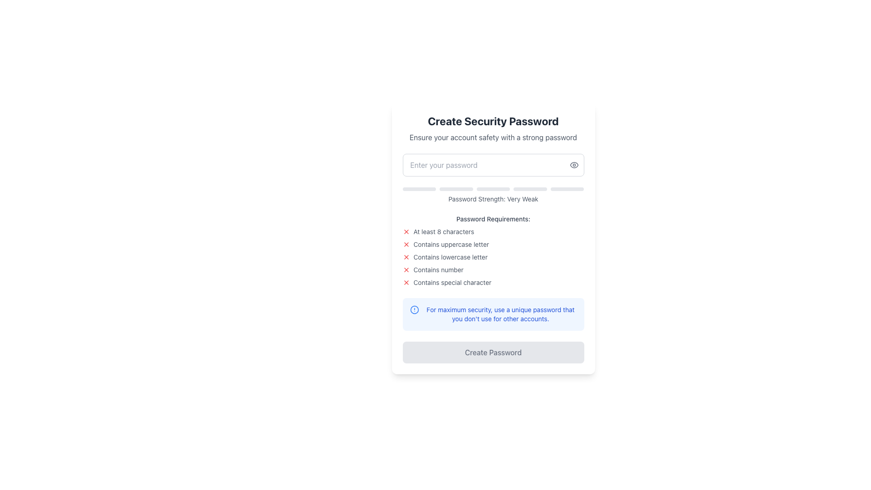 The image size is (871, 490). What do you see at coordinates (444, 231) in the screenshot?
I see `the text label that informs the user about the password requirement of at least 8 characters, positioned after the red 'X' icon` at bounding box center [444, 231].